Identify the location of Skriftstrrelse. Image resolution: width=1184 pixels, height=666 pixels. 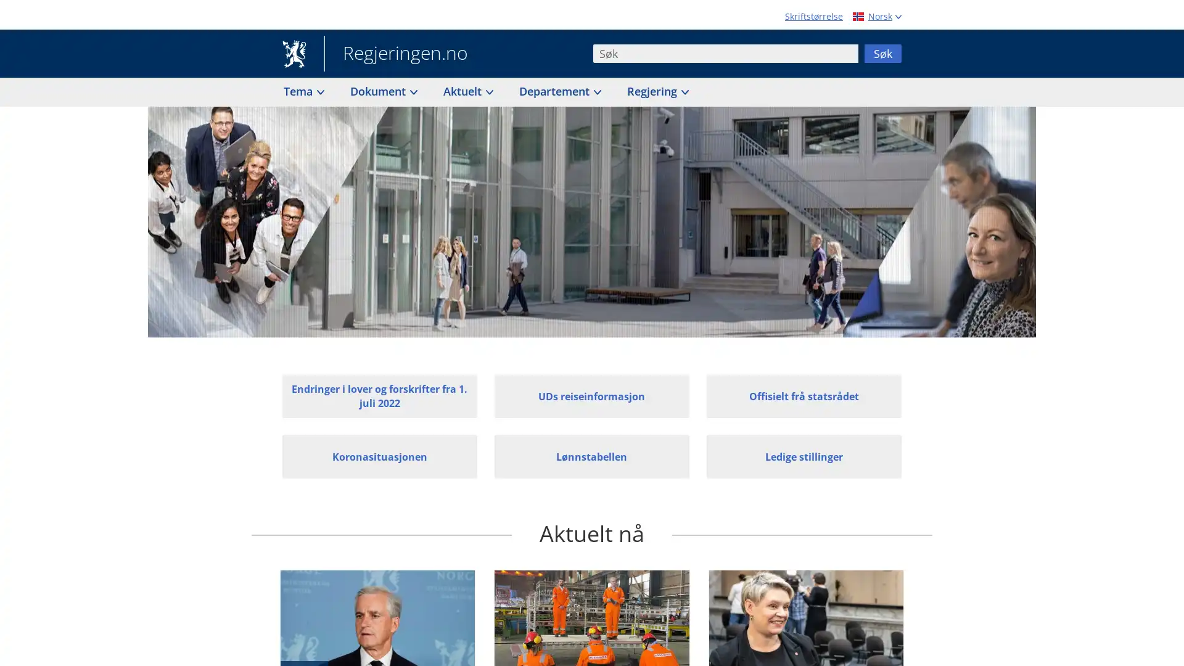
(814, 16).